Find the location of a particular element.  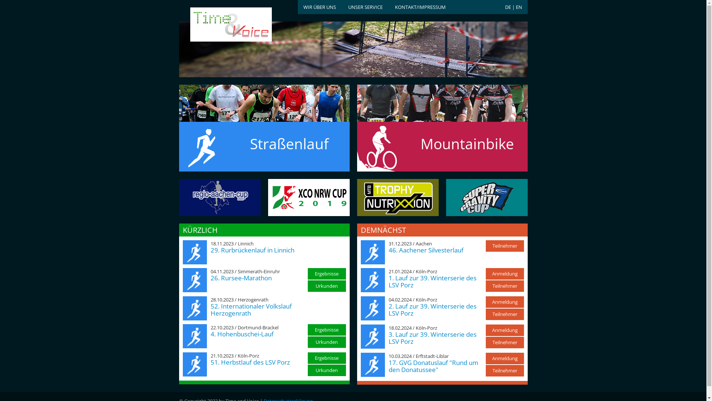

'26. Rursee-Marathon' is located at coordinates (241, 278).